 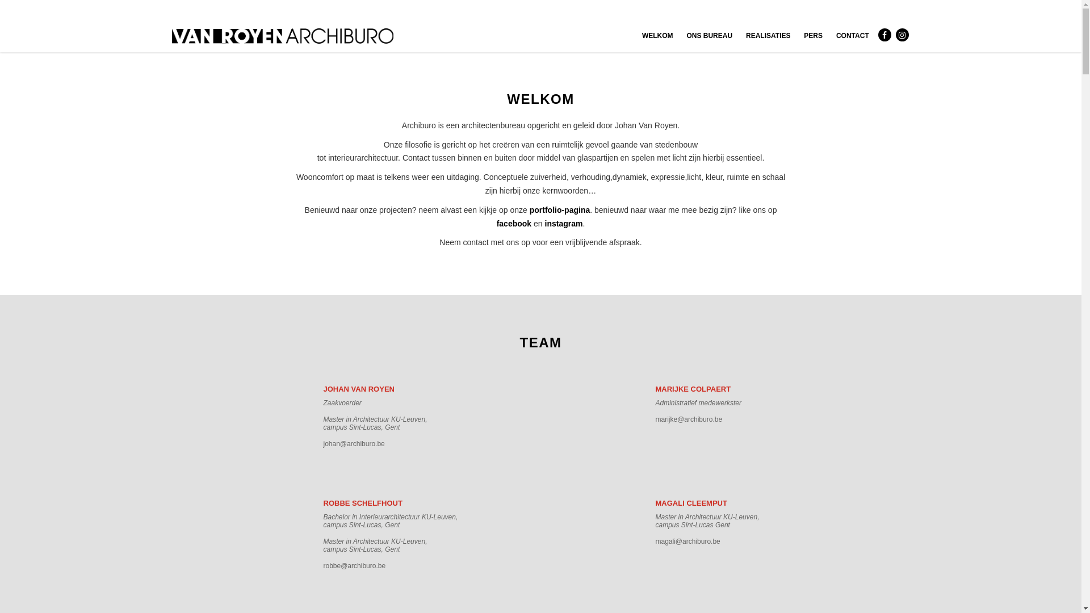 I want to click on 'PERS', so click(x=812, y=35).